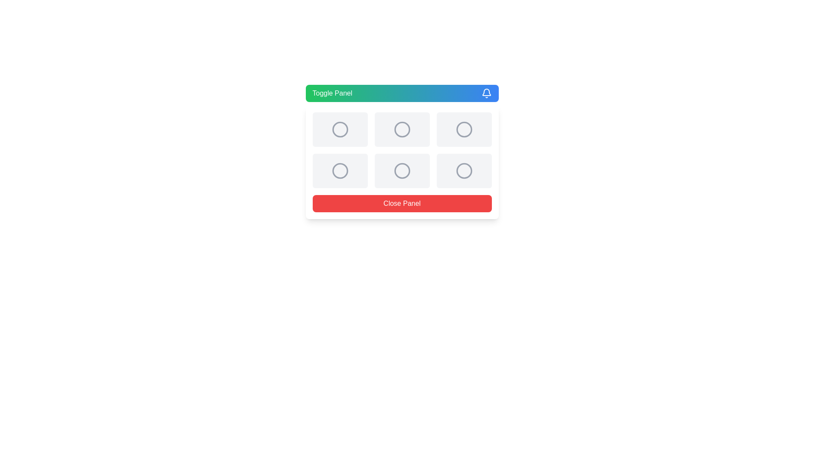 This screenshot has width=827, height=465. What do you see at coordinates (401, 129) in the screenshot?
I see `the circular icon with a gray outline and transparent center located in the second row and middle column of a three-by-two grid layout` at bounding box center [401, 129].